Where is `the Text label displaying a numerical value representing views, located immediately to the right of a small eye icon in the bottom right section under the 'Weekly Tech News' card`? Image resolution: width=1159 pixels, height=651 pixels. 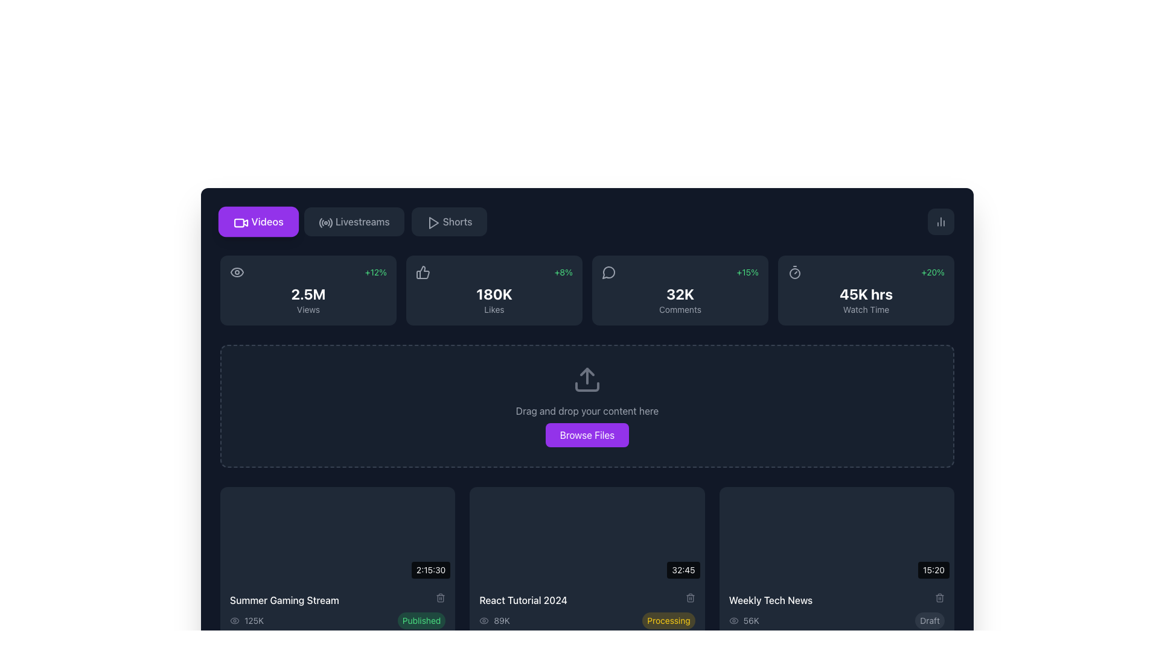 the Text label displaying a numerical value representing views, located immediately to the right of a small eye icon in the bottom right section under the 'Weekly Tech News' card is located at coordinates (750, 620).